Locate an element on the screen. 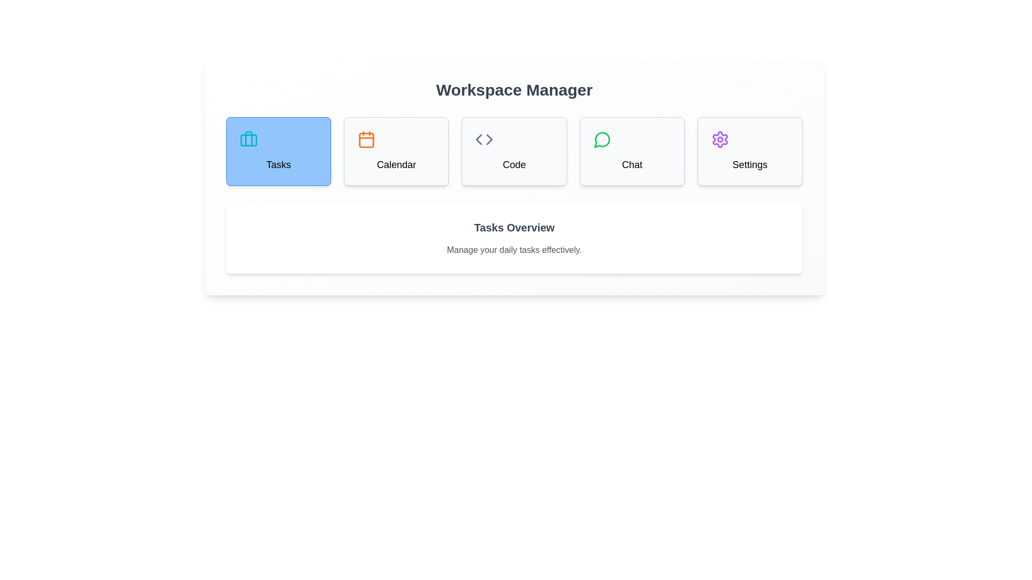 This screenshot has height=580, width=1032. the settings icon embedded within the settings button, which is the last button in a series of five horizontal buttons at the top of the interface is located at coordinates (720, 139).